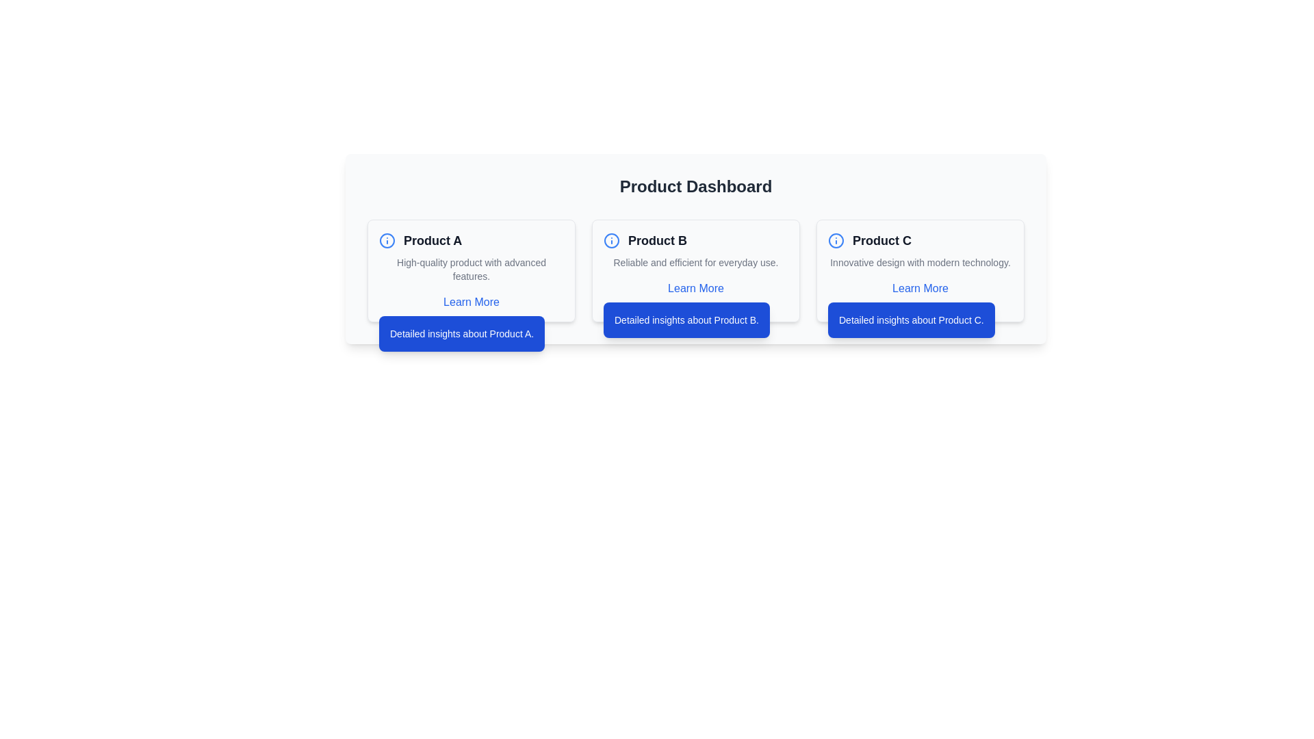 Image resolution: width=1314 pixels, height=739 pixels. What do you see at coordinates (387, 239) in the screenshot?
I see `the information icon located at the top-left corner of the card labeled 'Product A'` at bounding box center [387, 239].